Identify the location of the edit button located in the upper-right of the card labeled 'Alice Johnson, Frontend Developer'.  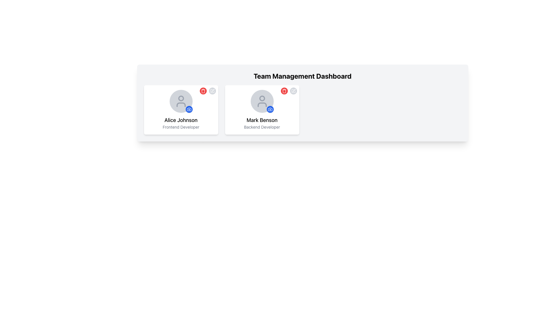
(212, 90).